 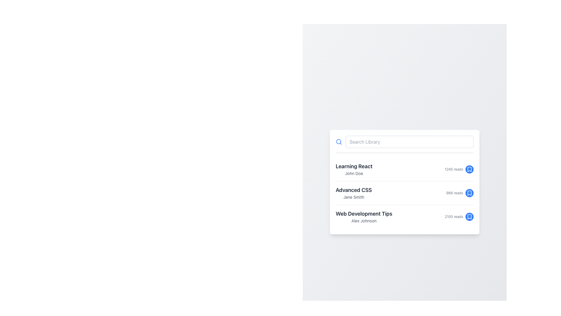 I want to click on the circular graphical element representing the search icon, which is part of an SVG and located at the far left of the search bar, so click(x=339, y=141).